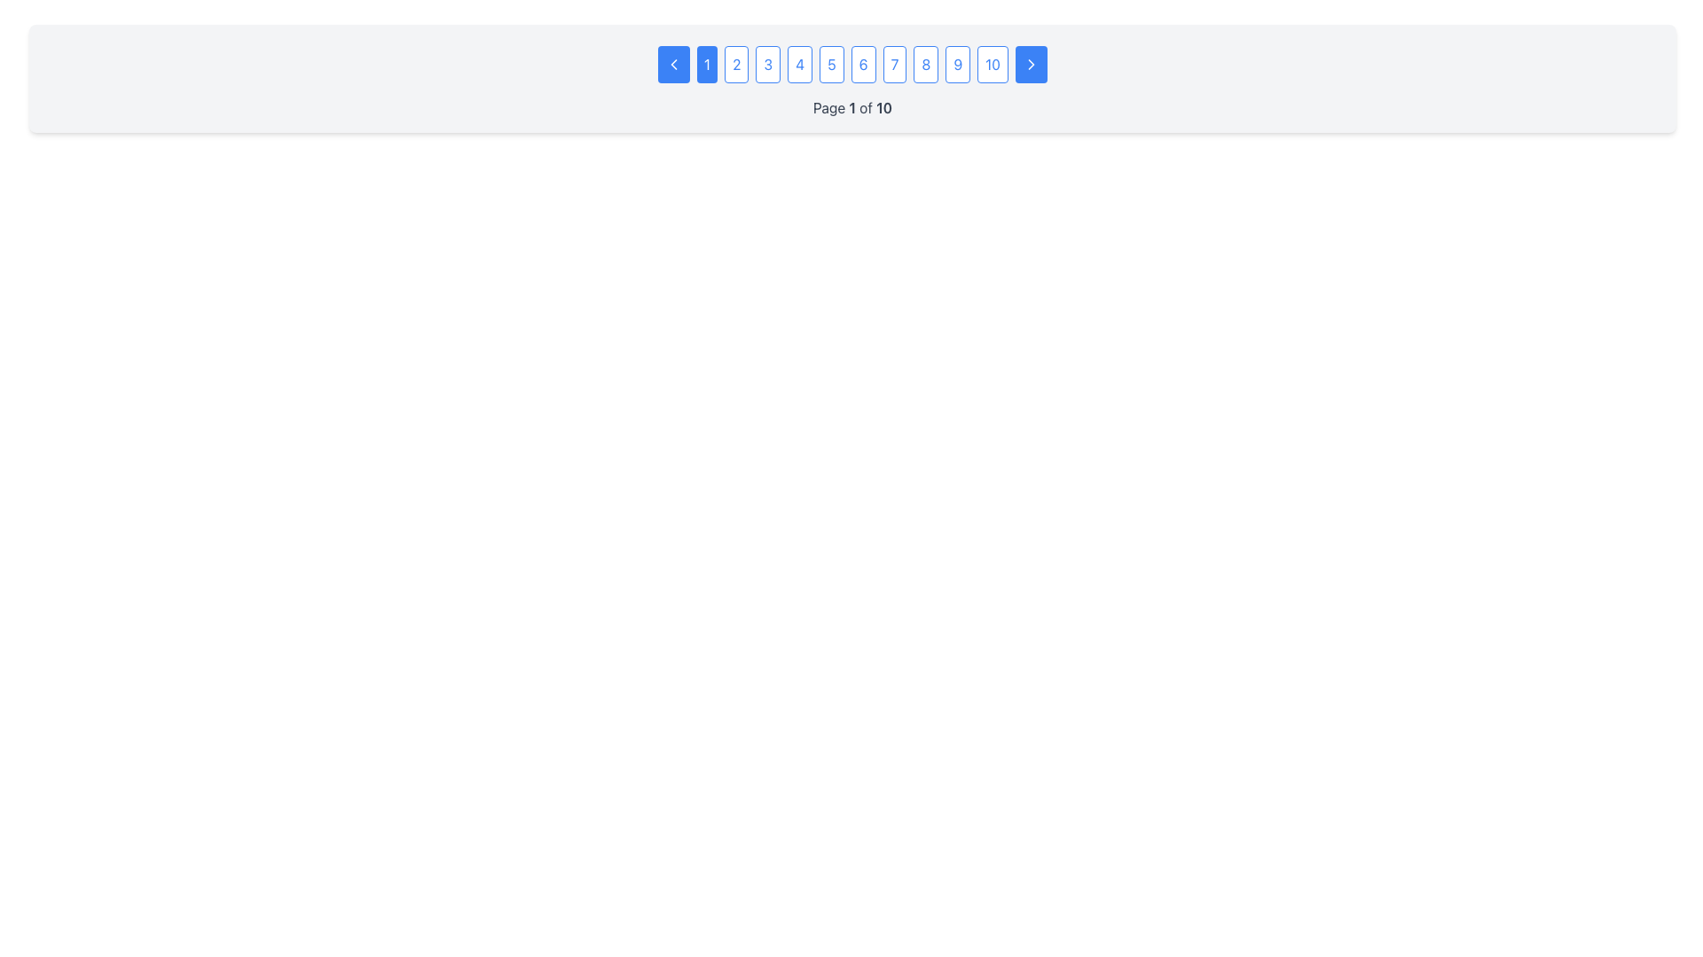  What do you see at coordinates (830, 64) in the screenshot?
I see `the pagination button labeled '5'` at bounding box center [830, 64].